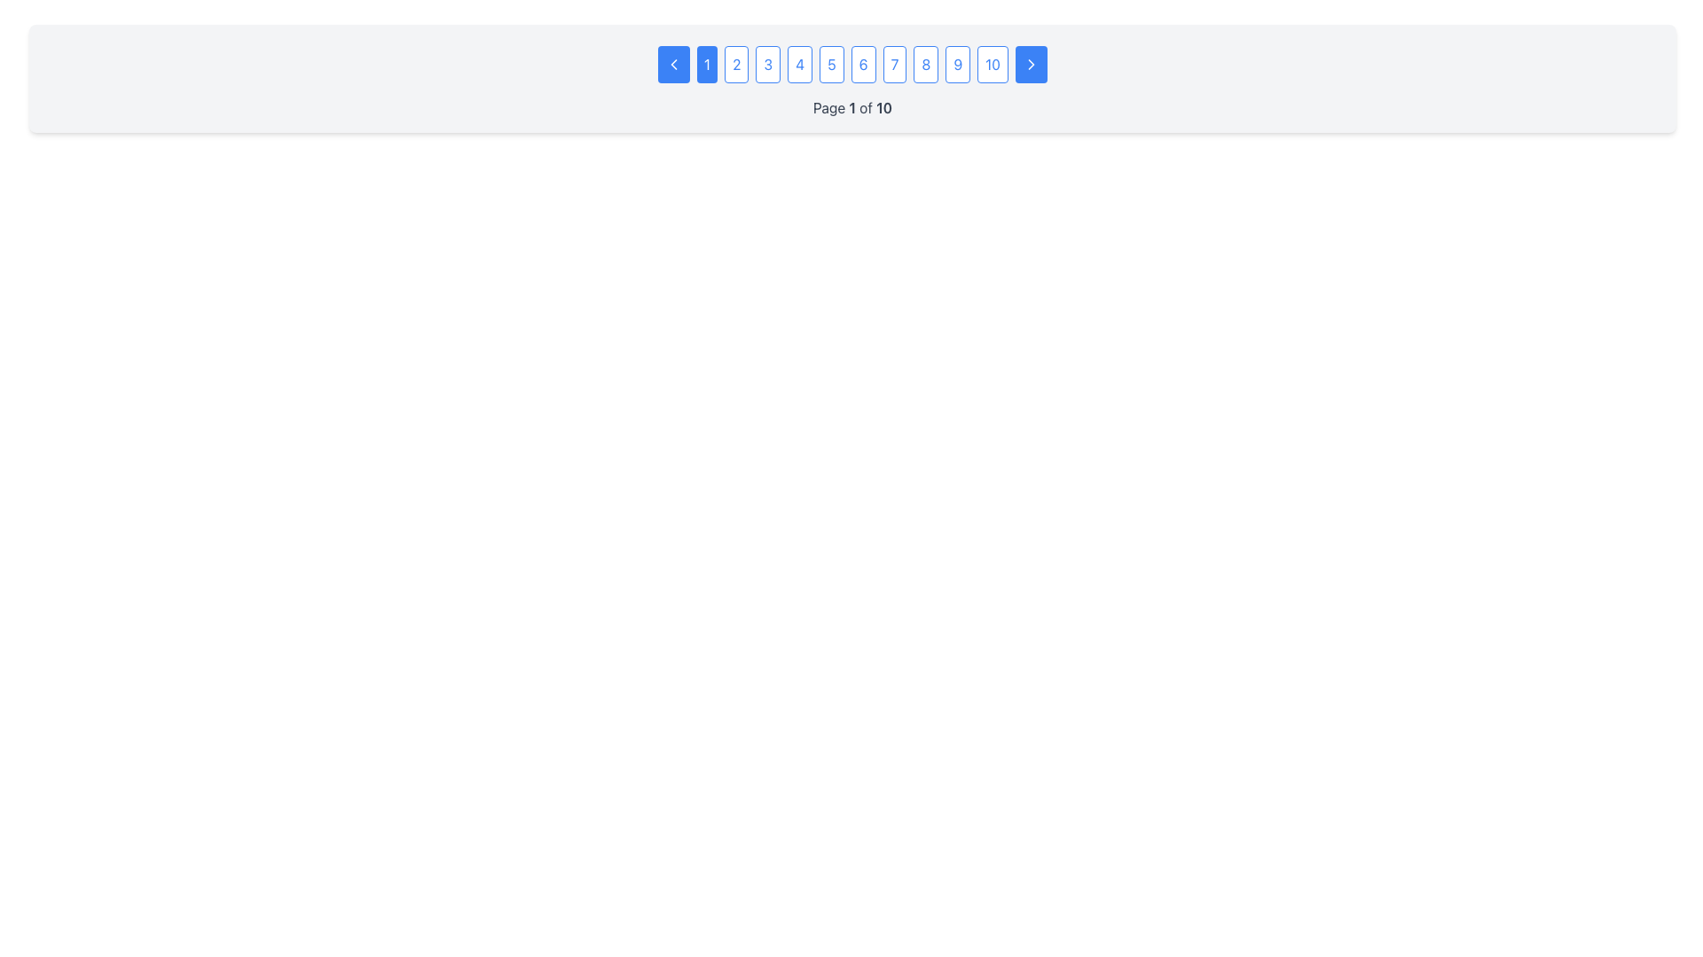  What do you see at coordinates (830, 64) in the screenshot?
I see `the pagination button labeled '5'` at bounding box center [830, 64].